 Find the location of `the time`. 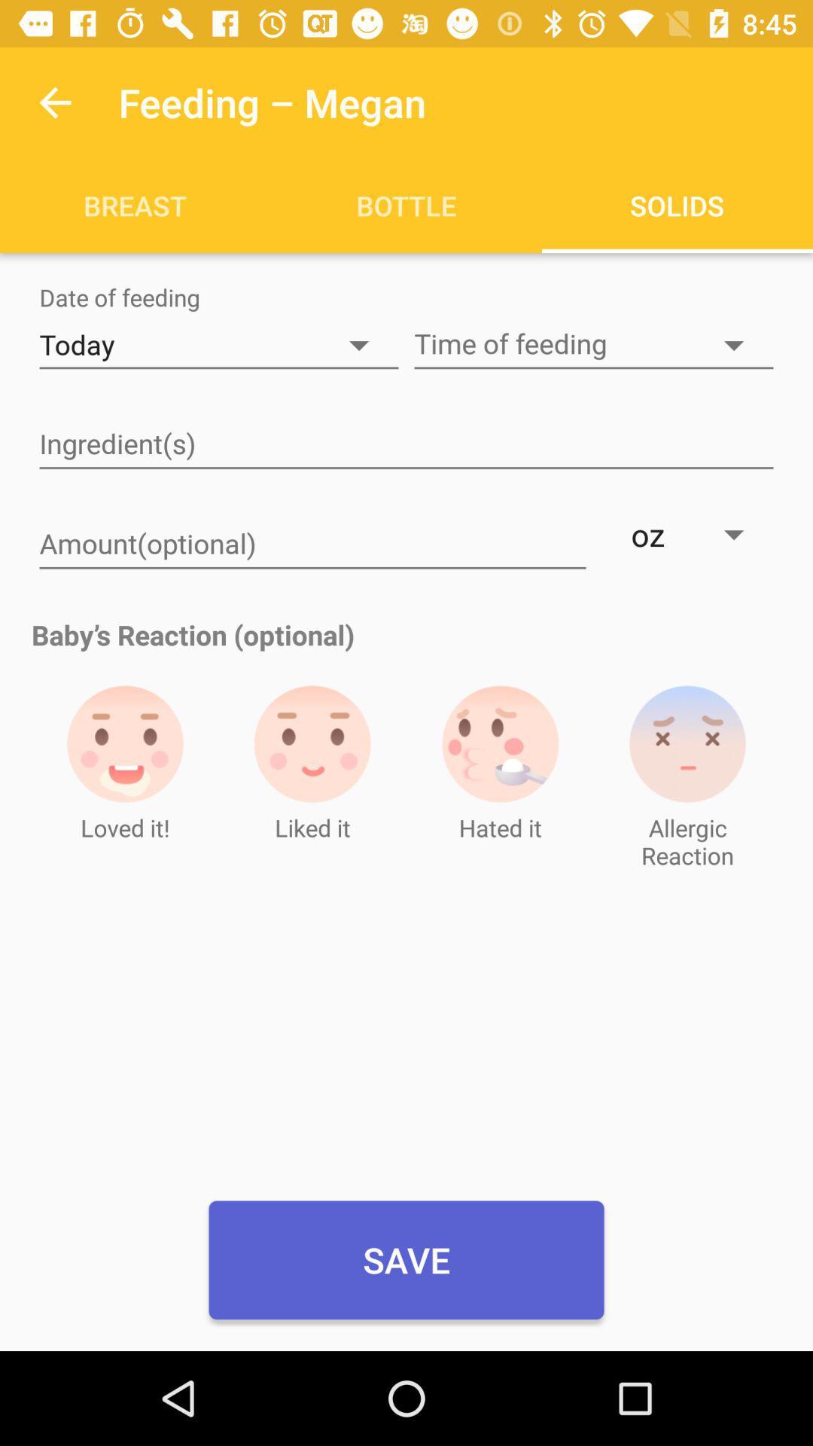

the time is located at coordinates (593, 344).